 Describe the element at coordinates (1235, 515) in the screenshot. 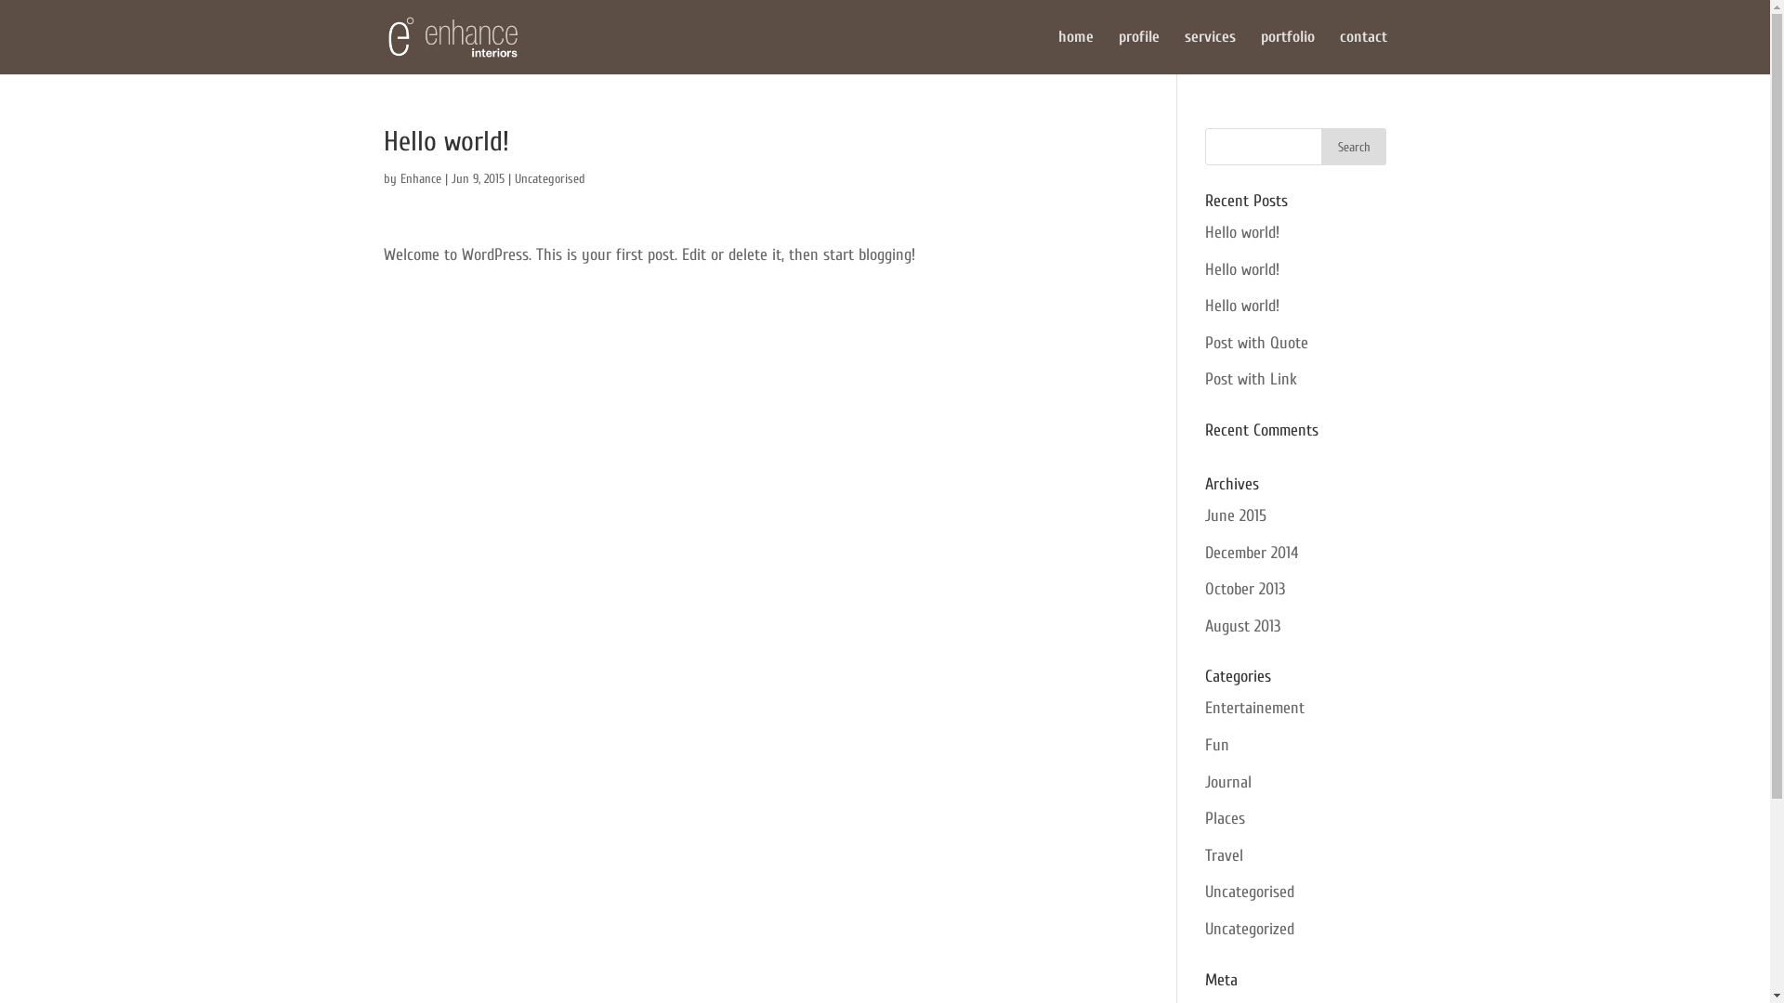

I see `'June 2015'` at that location.